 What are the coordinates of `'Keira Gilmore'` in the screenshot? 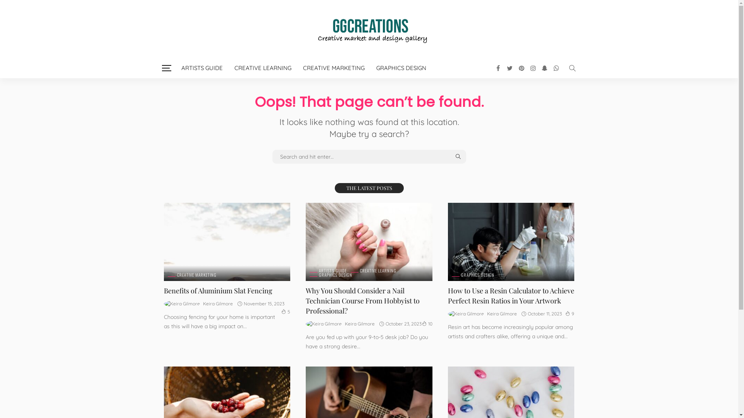 It's located at (359, 324).